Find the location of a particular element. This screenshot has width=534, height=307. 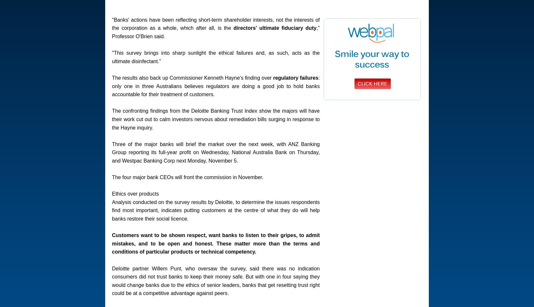

'Ethics over products' is located at coordinates (112, 193).